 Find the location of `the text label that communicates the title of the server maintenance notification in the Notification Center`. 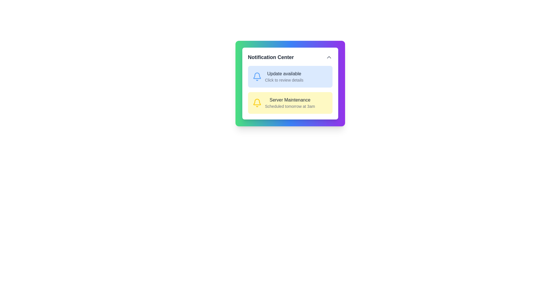

the text label that communicates the title of the server maintenance notification in the Notification Center is located at coordinates (290, 100).